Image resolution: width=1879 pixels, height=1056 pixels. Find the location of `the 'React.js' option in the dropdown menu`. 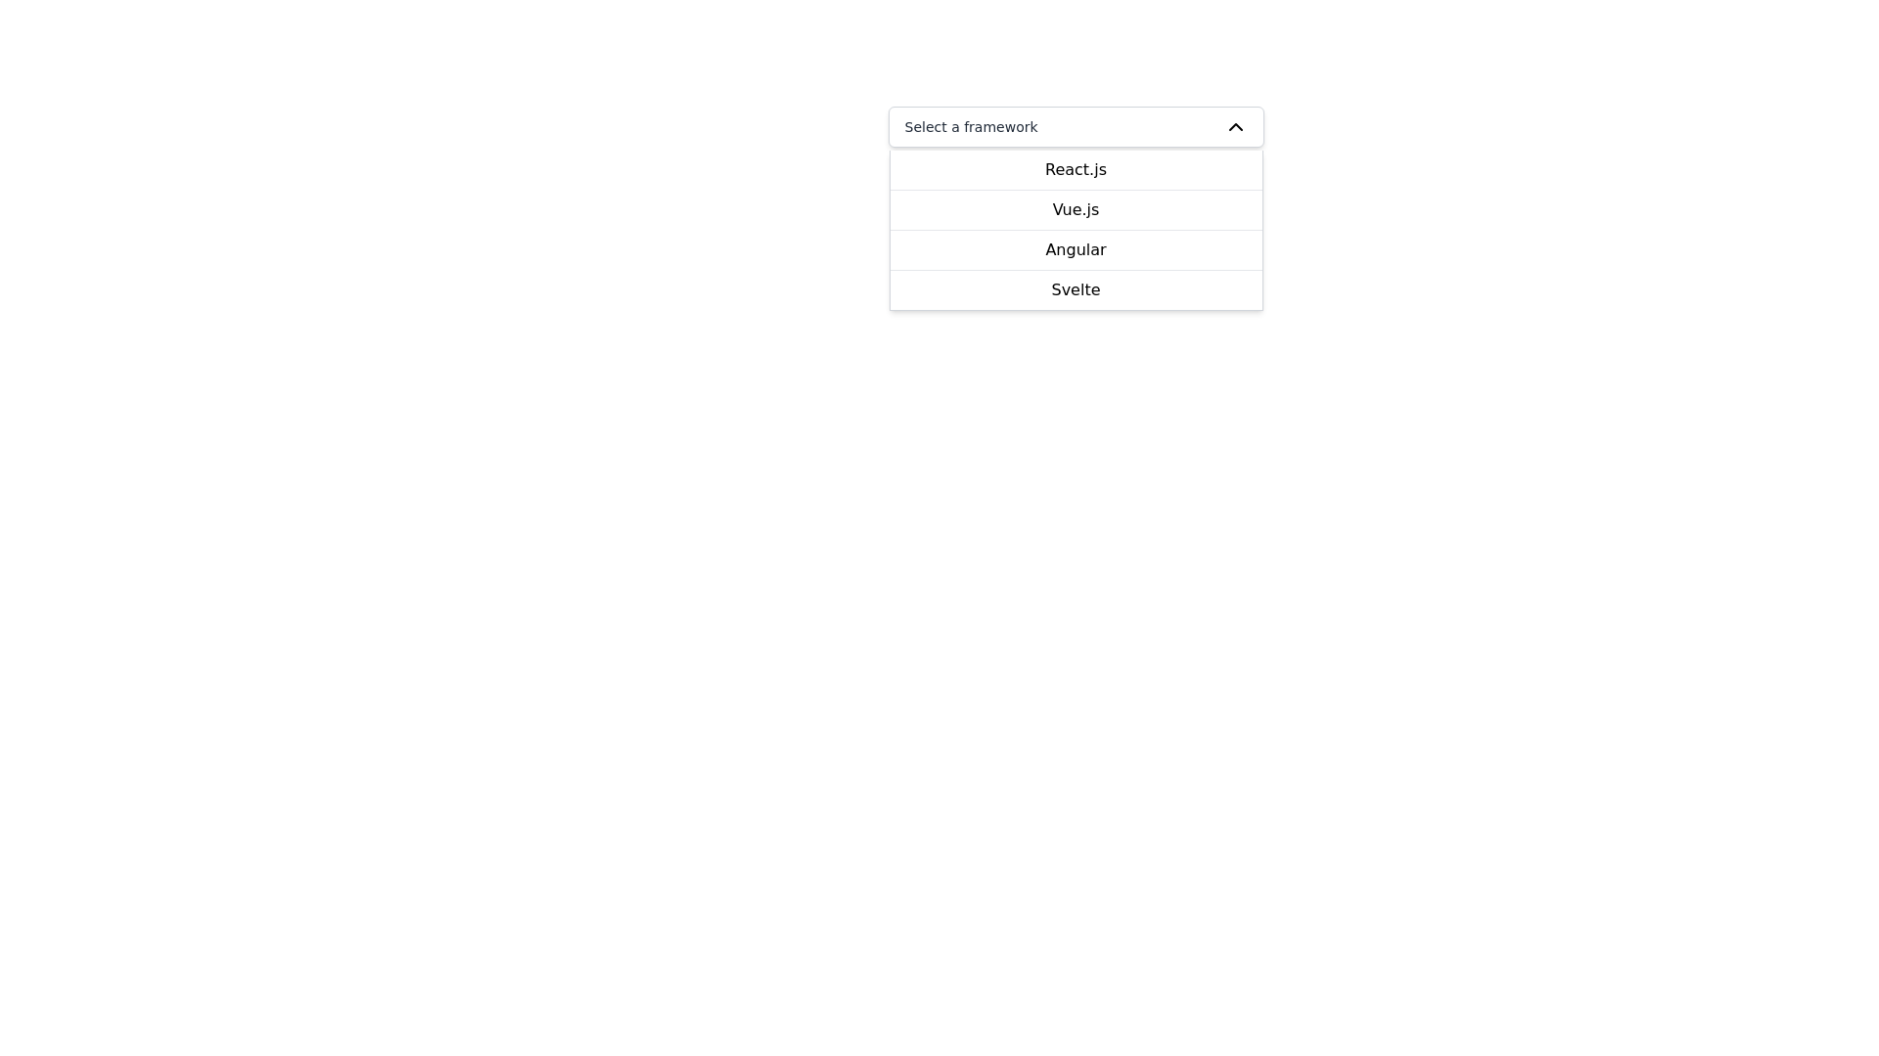

the 'React.js' option in the dropdown menu is located at coordinates (1075, 168).